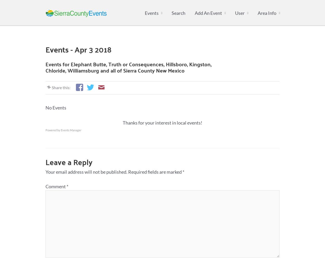 The height and width of the screenshot is (260, 325). I want to click on 'No Events', so click(55, 108).